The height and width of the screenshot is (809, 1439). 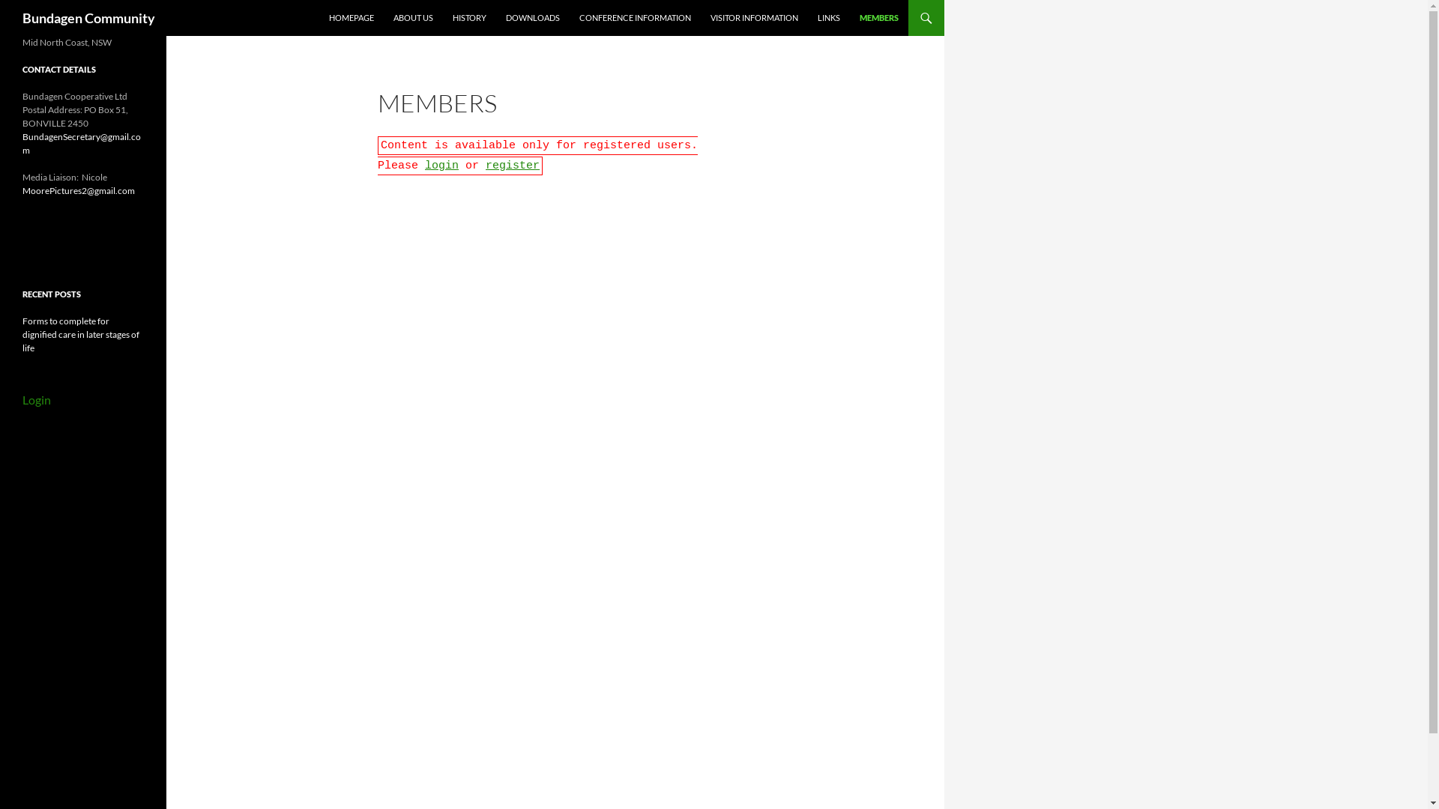 What do you see at coordinates (88, 17) in the screenshot?
I see `'Bundagen Community'` at bounding box center [88, 17].